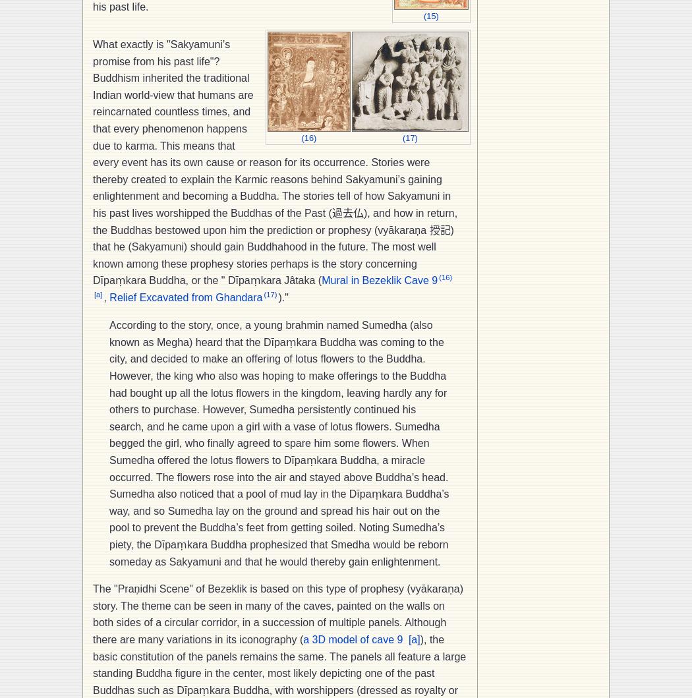  What do you see at coordinates (103, 297) in the screenshot?
I see `','` at bounding box center [103, 297].